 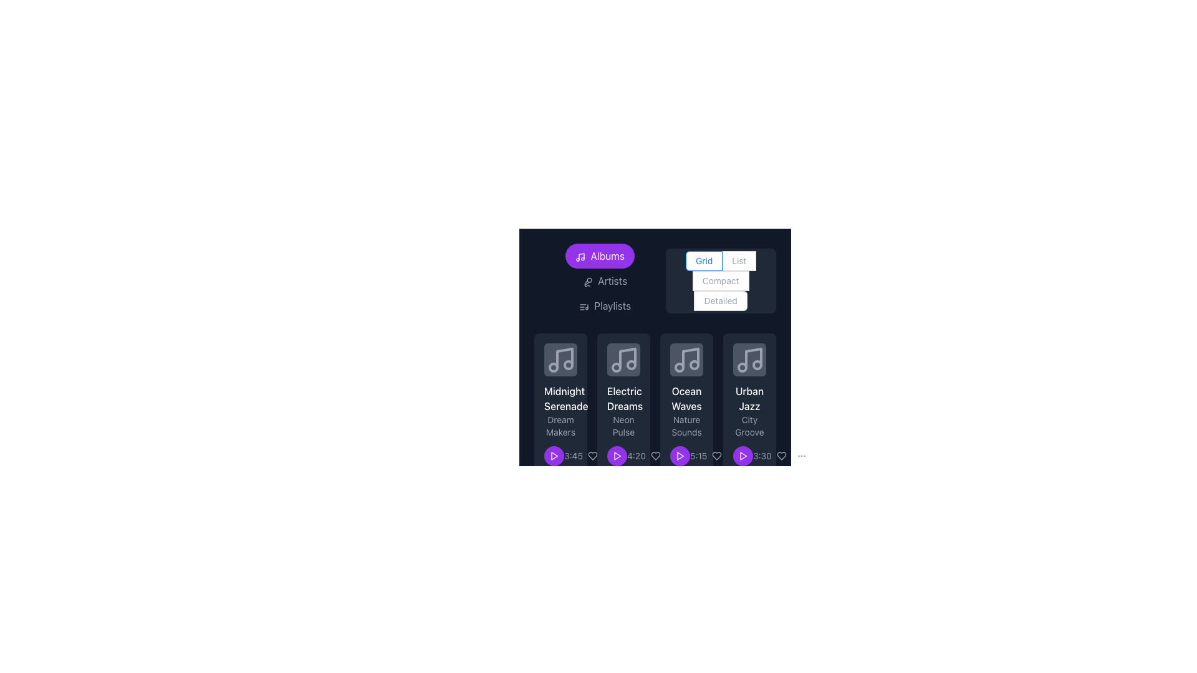 What do you see at coordinates (600, 255) in the screenshot?
I see `the albums button located at the far left of the horizontal navigation bar to trigger a tooltip or highlight effect` at bounding box center [600, 255].